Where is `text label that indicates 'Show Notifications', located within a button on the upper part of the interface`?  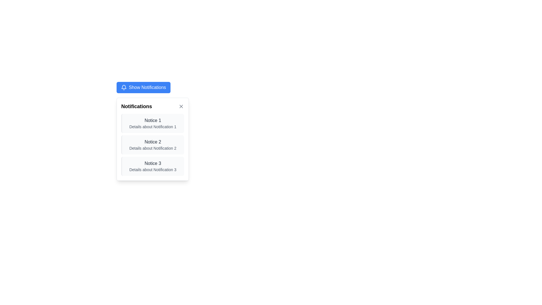 text label that indicates 'Show Notifications', located within a button on the upper part of the interface is located at coordinates (147, 87).